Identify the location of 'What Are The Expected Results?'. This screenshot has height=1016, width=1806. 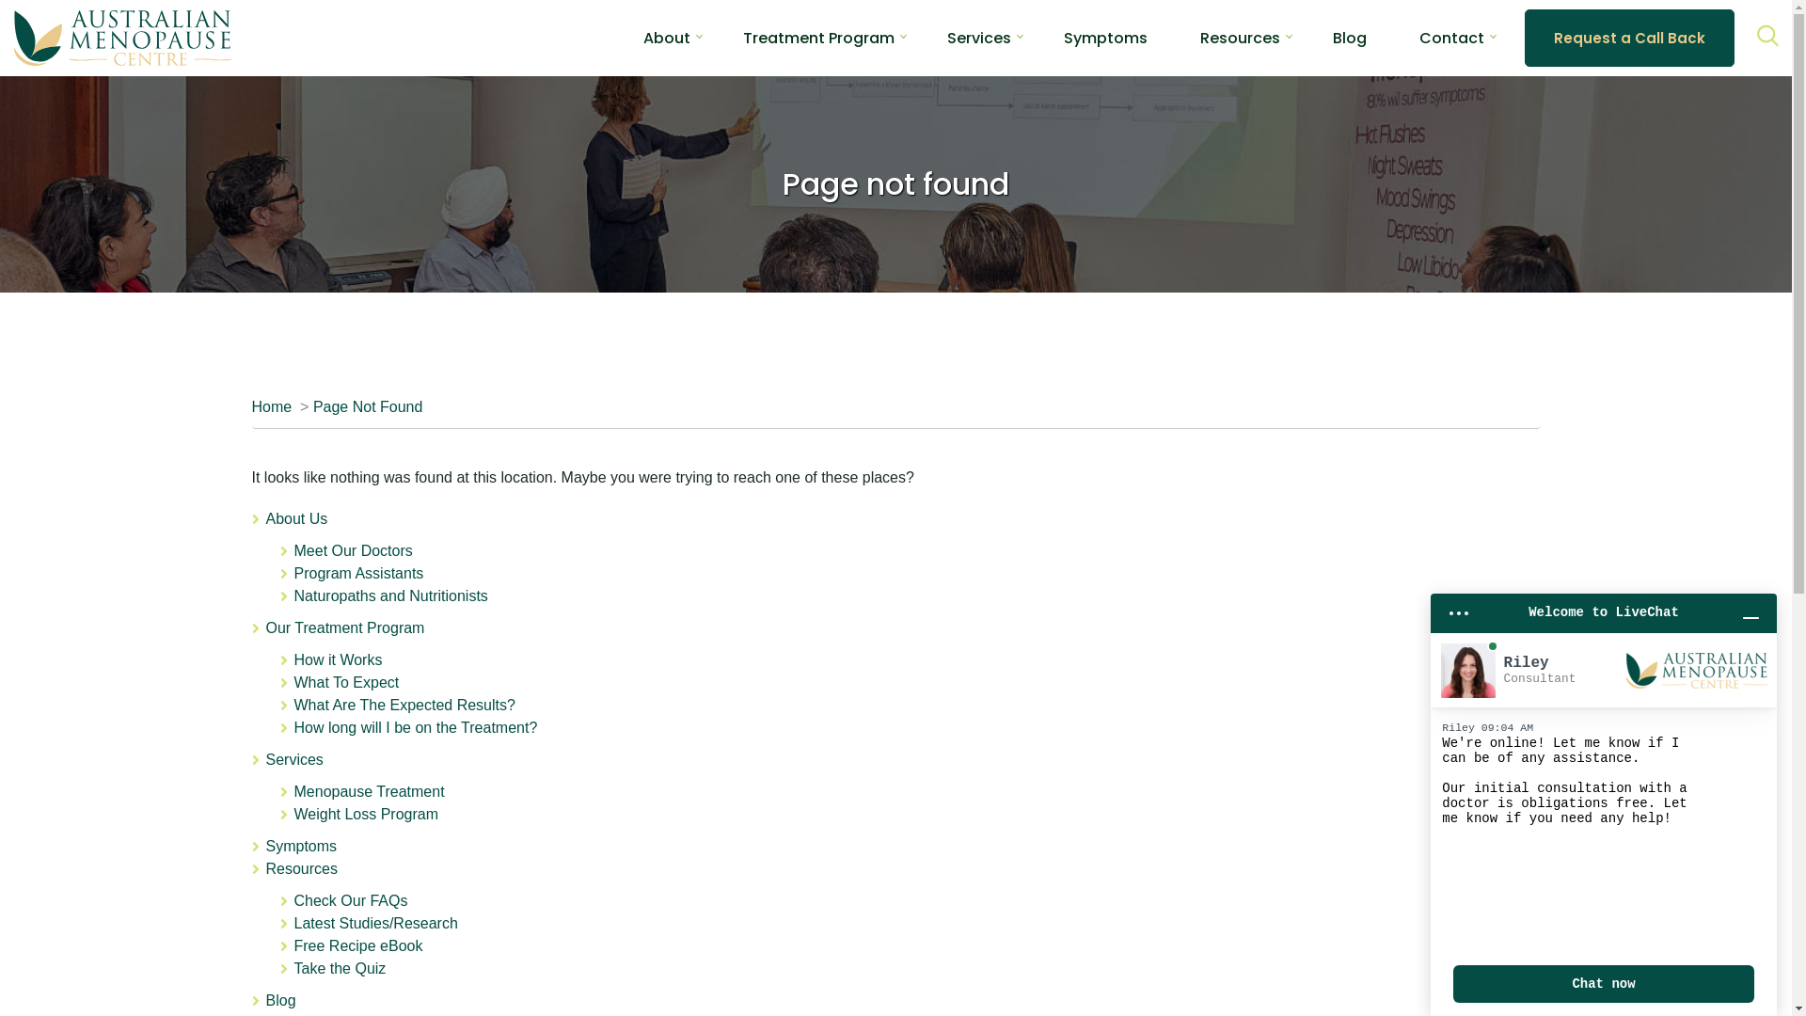
(293, 705).